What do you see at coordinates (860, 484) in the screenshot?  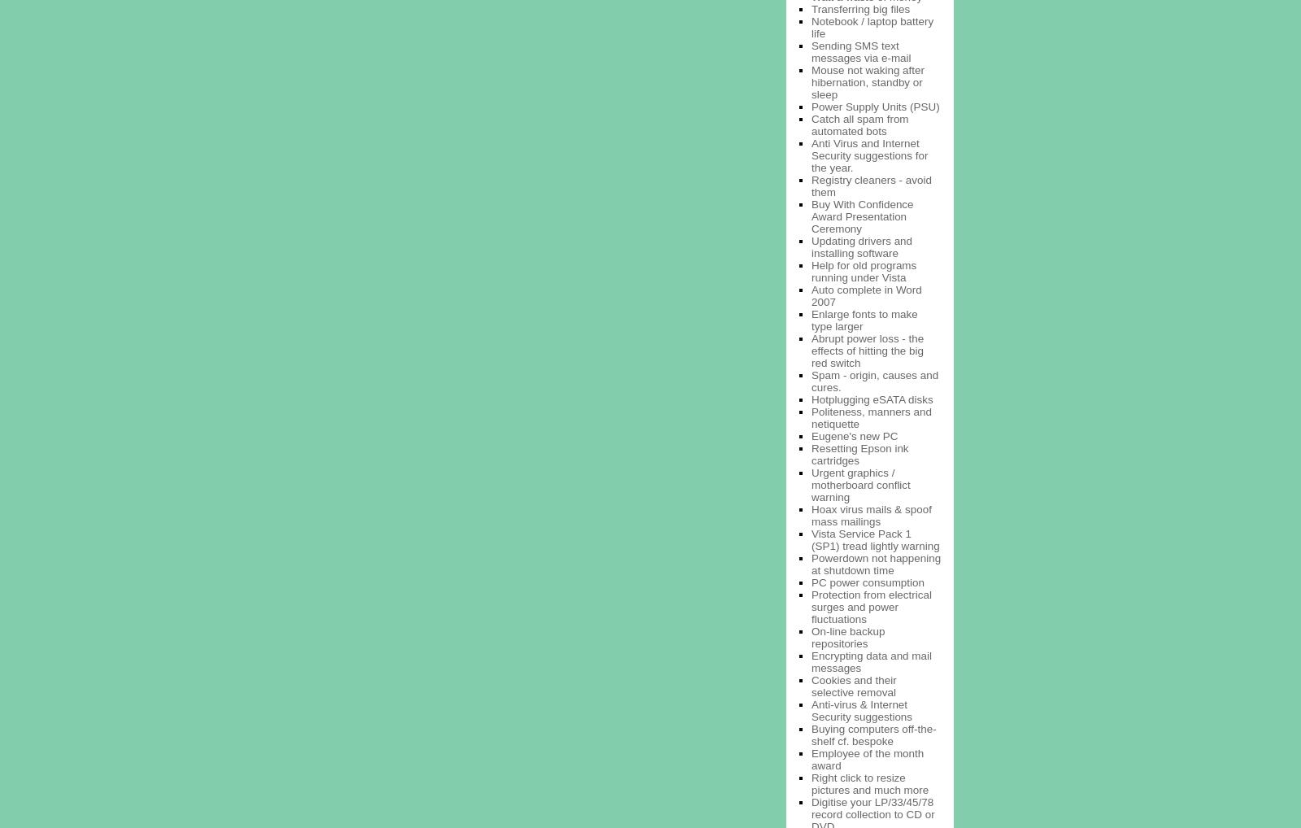 I see `'Urgent graphics / motherboard conflict warning'` at bounding box center [860, 484].